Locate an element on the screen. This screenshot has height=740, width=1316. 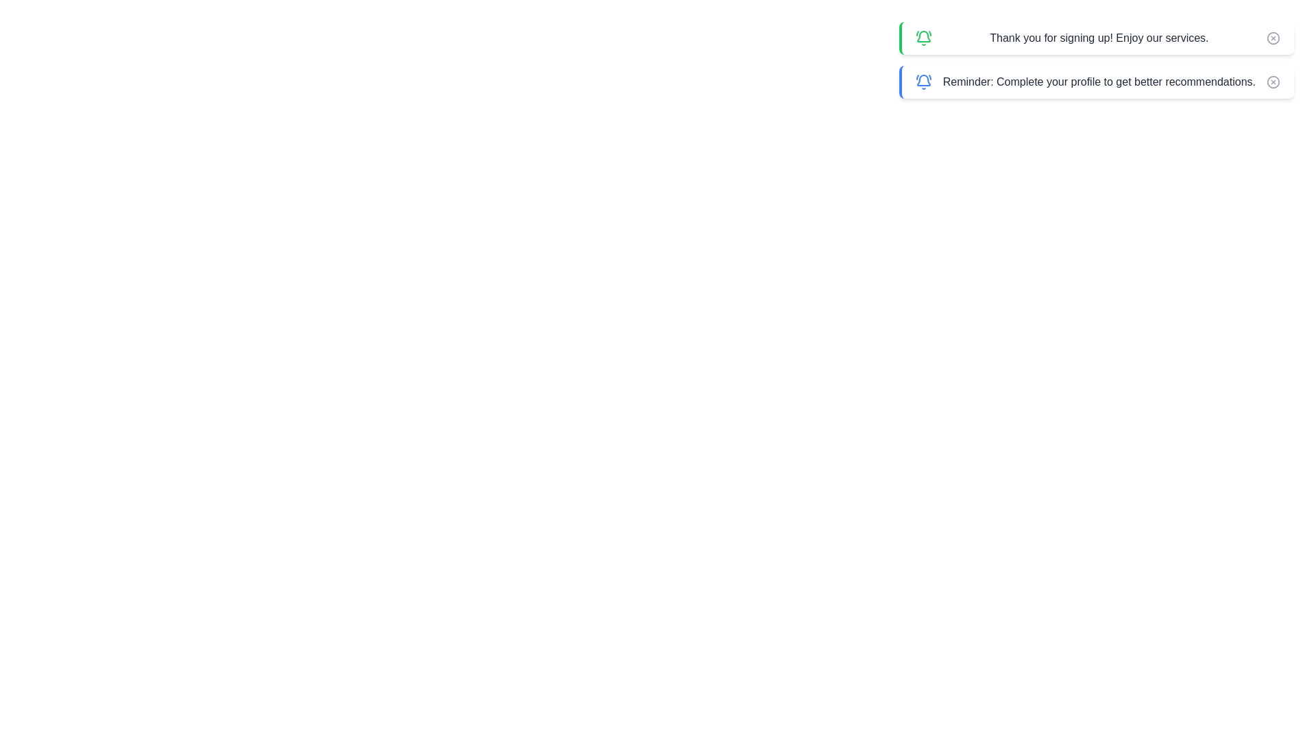
the notification with the text 'Thank you for signing up! Enjoy our services.' is located at coordinates (1095, 38).